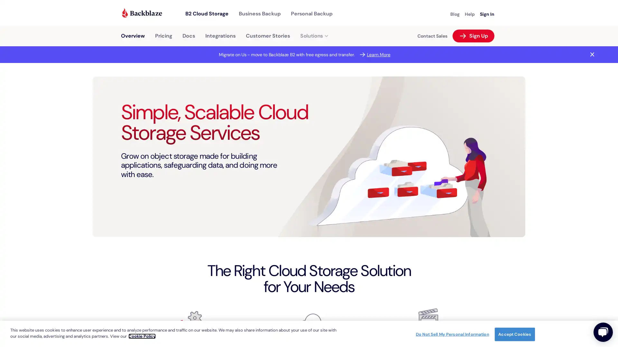  What do you see at coordinates (514, 334) in the screenshot?
I see `Accept Cookies` at bounding box center [514, 334].